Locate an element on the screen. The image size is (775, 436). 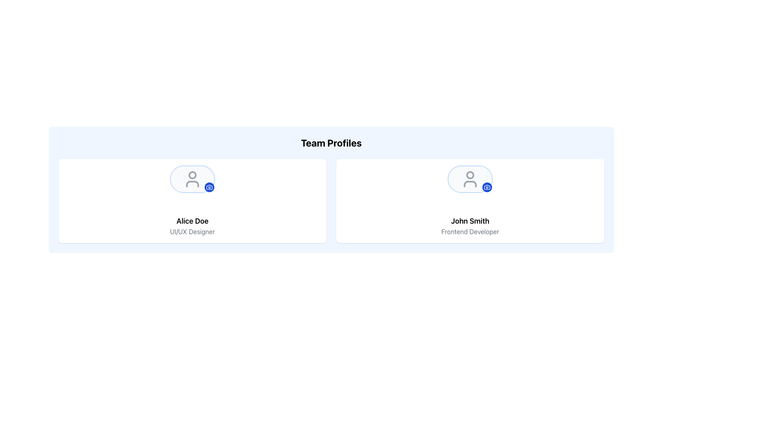
the camera icon overlay on the circular profile picture placeholder for John Smith in the Team Profiles section to upload a photo is located at coordinates (470, 178).